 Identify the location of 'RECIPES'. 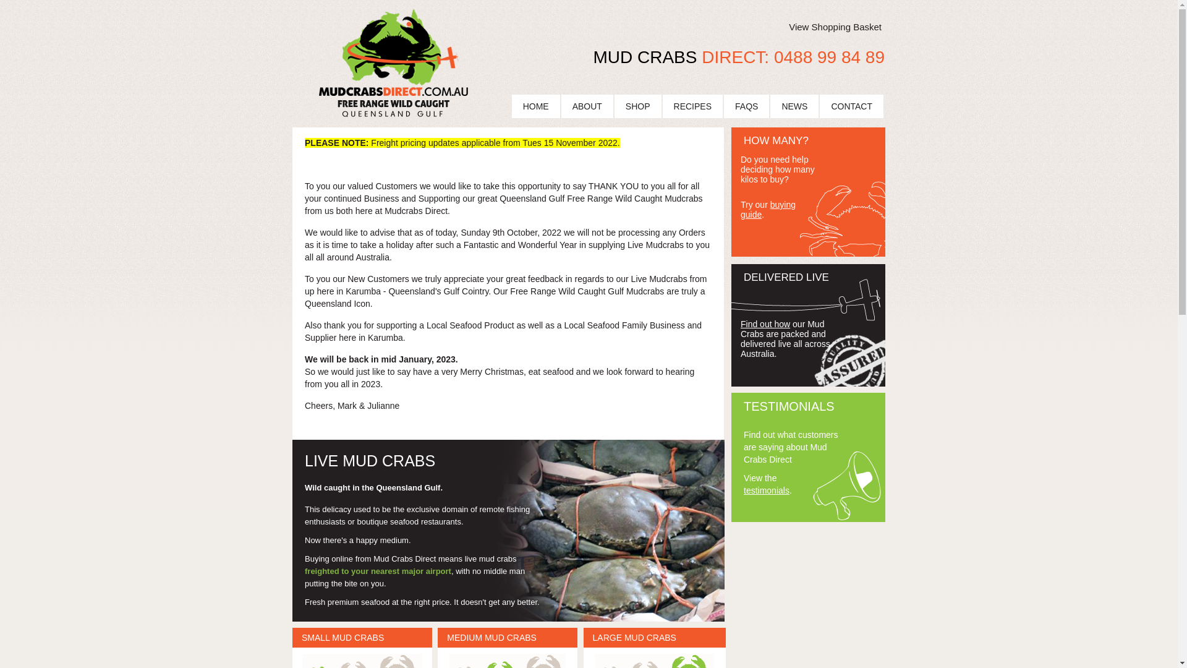
(692, 106).